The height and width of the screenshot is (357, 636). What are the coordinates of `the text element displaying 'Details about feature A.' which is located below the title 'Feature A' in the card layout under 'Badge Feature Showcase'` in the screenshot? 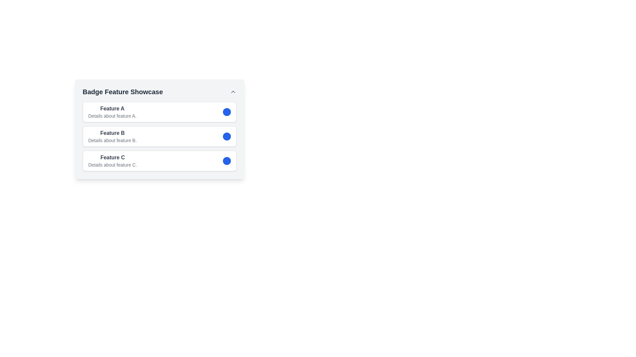 It's located at (112, 116).